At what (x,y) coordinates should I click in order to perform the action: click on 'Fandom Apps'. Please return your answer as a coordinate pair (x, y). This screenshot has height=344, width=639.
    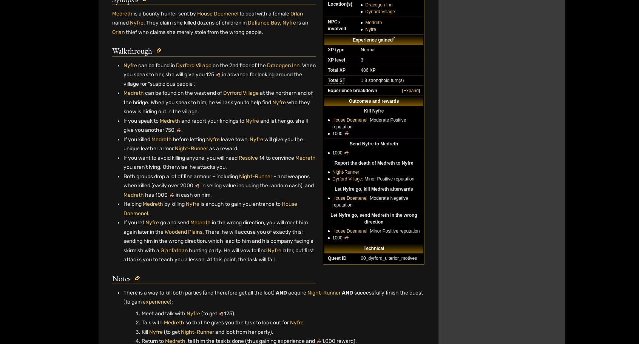
    Looking at the image, I should click on (447, 315).